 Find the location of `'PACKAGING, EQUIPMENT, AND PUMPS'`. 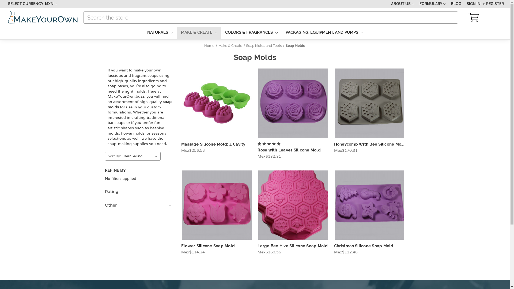

'PACKAGING, EQUIPMENT, AND PUMPS' is located at coordinates (324, 33).